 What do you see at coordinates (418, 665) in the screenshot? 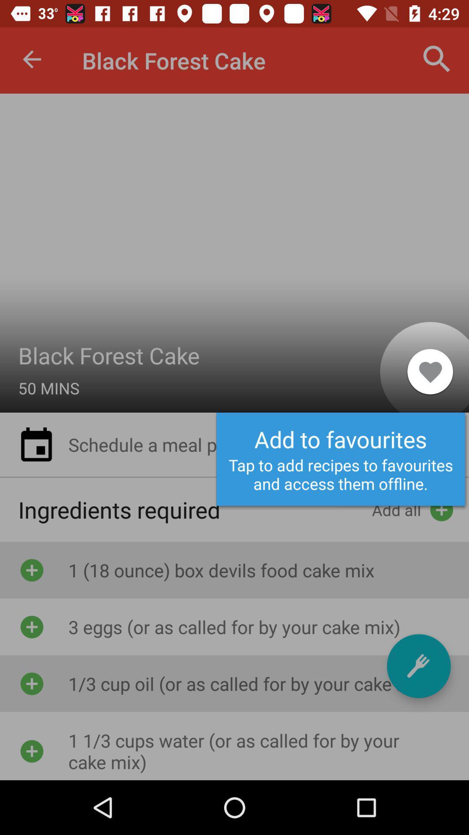
I see `fork icon` at bounding box center [418, 665].